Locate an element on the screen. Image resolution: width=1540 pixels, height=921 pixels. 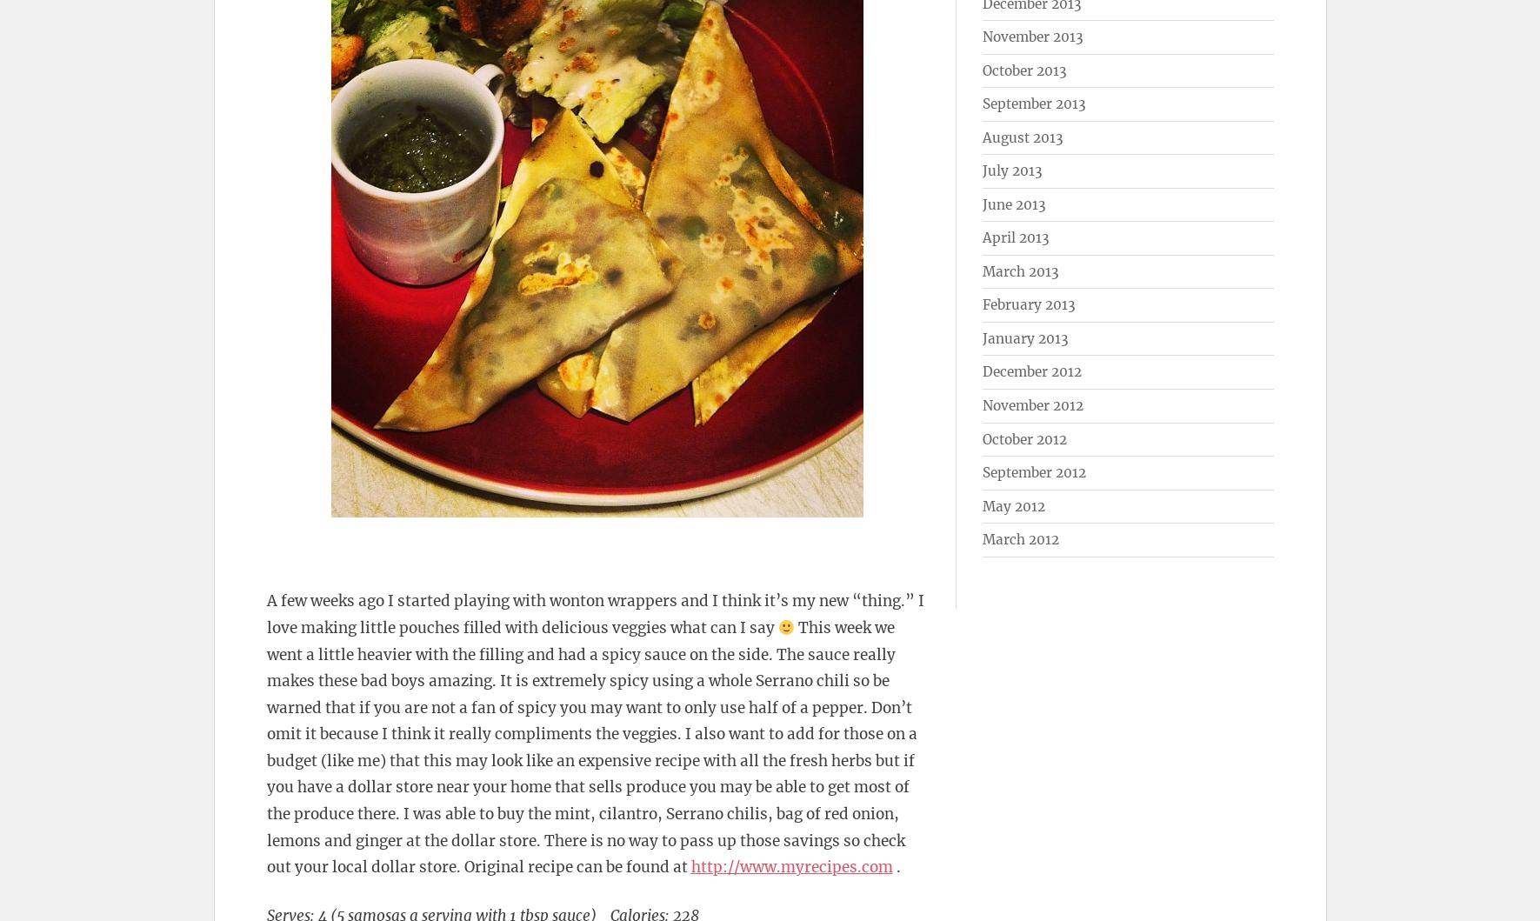
'August 2013' is located at coordinates (1022, 136).